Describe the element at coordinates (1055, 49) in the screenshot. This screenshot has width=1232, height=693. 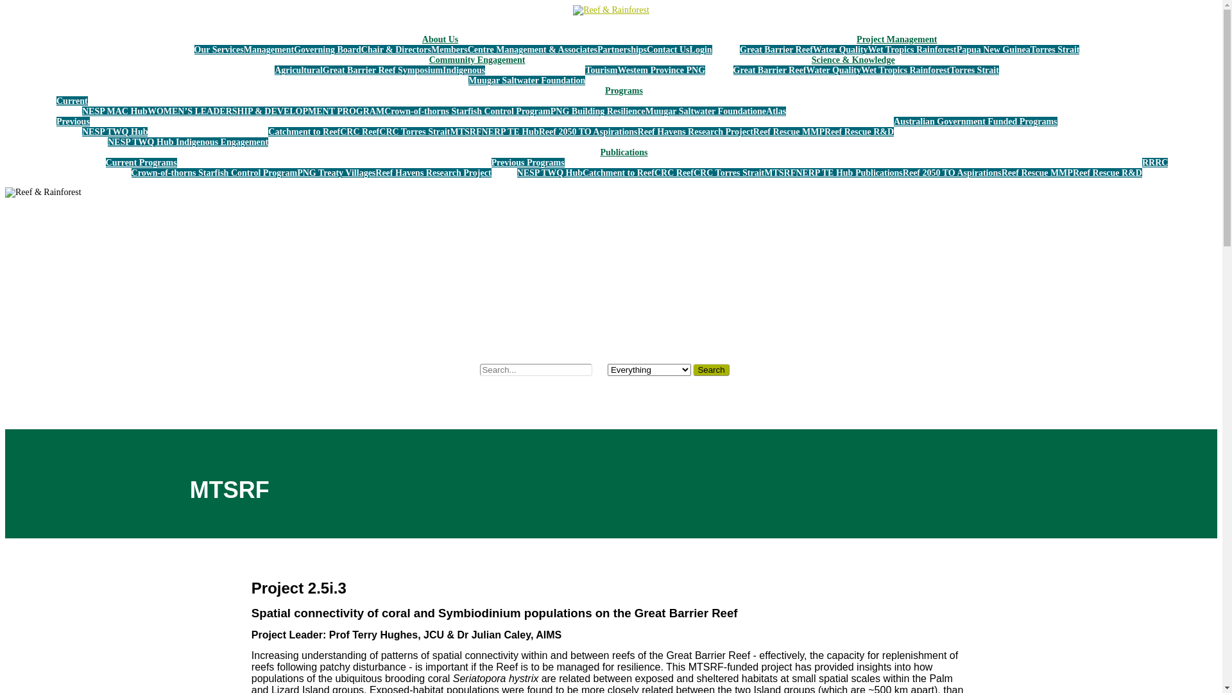
I see `'Torres Strait'` at that location.